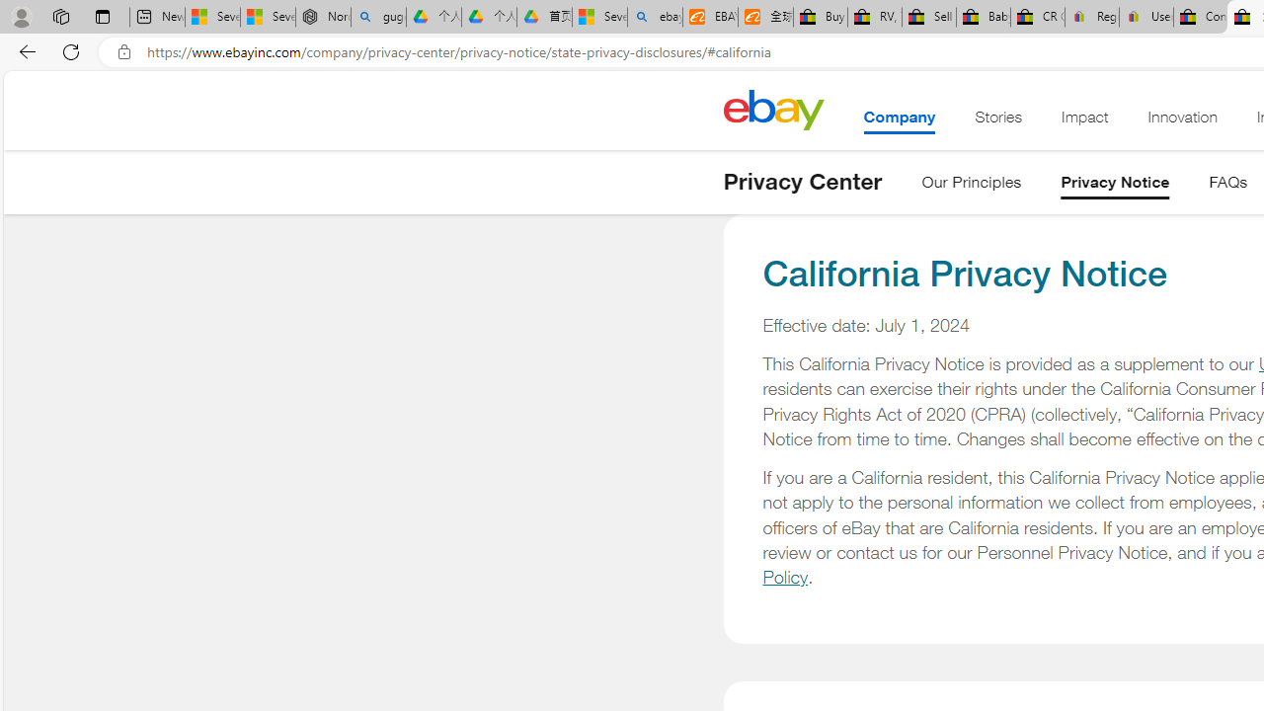 The height and width of the screenshot is (711, 1264). I want to click on 'Consumer Health Data Privacy Policy - eBay Inc.', so click(1200, 17).